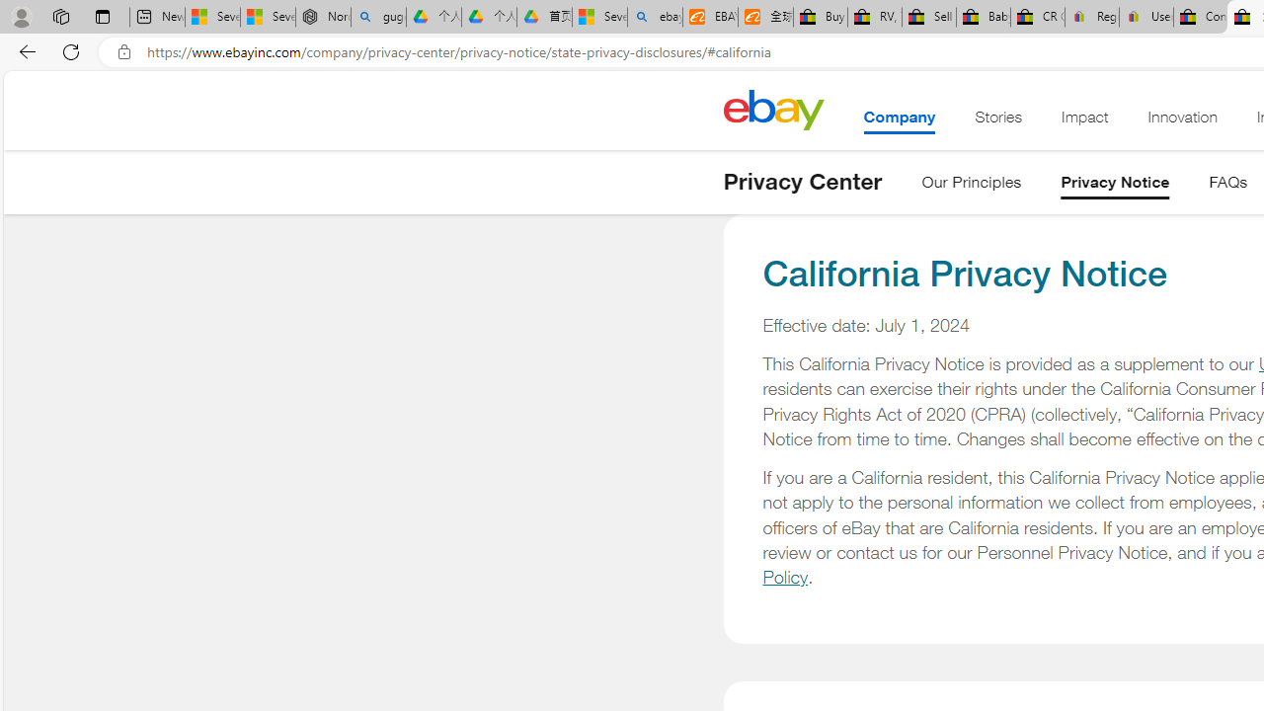 The height and width of the screenshot is (711, 1264). I want to click on 'Consumer Health Data Privacy Policy - eBay Inc.', so click(1200, 17).